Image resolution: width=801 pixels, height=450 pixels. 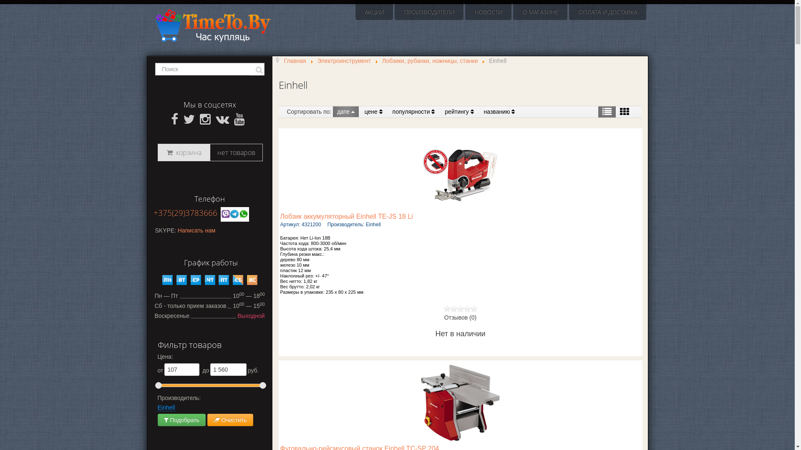 What do you see at coordinates (185, 212) in the screenshot?
I see `'+375(29)3783666'` at bounding box center [185, 212].